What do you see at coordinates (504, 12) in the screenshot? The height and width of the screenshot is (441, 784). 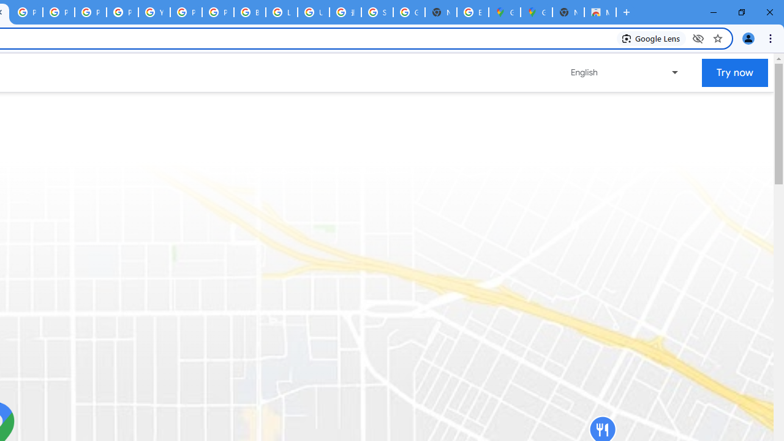 I see `'Google Maps'` at bounding box center [504, 12].